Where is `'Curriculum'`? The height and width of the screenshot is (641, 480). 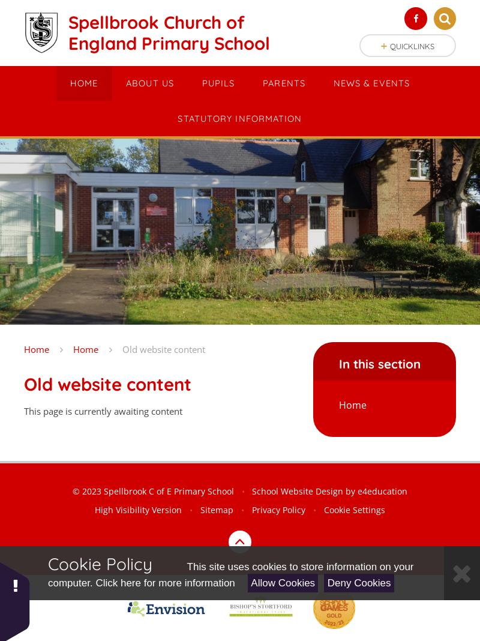
'Curriculum' is located at coordinates (199, 127).